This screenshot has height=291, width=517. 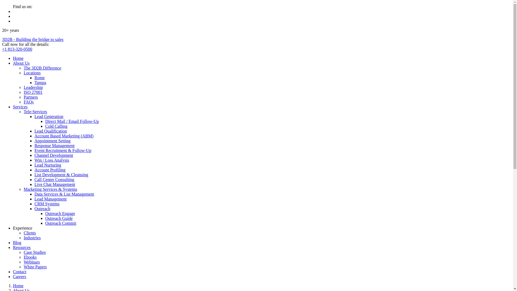 I want to click on 'Cold Calling', so click(x=56, y=126).